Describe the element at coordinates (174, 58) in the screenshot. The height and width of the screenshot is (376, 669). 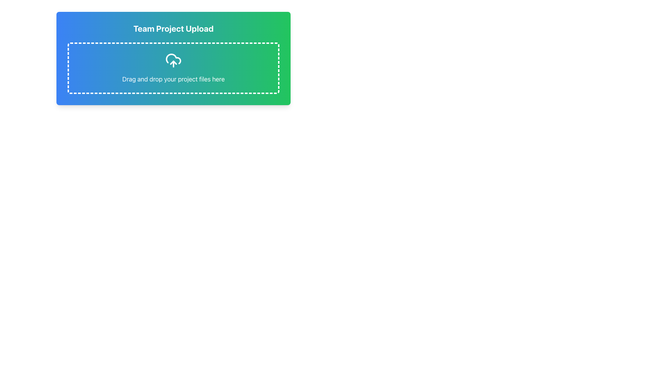
I see `the cloud-shaped vector graphic icon located in the middle of the dashed rectangular drop area within a gradient-colored card` at that location.